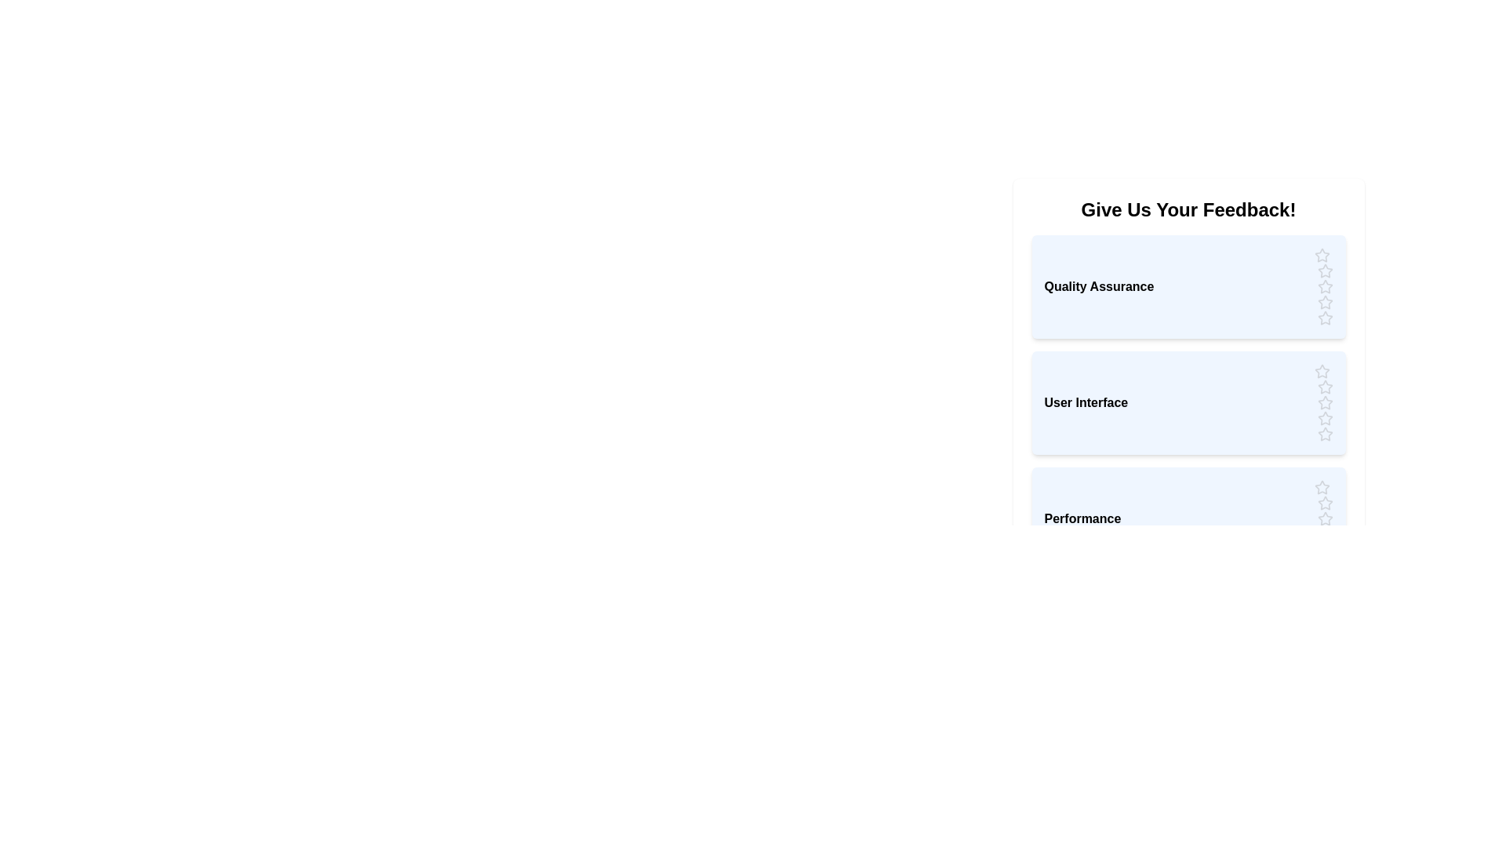 The image size is (1506, 847). Describe the element at coordinates (1324, 434) in the screenshot. I see `the rating for the category 'User Interface' to 5 stars` at that location.